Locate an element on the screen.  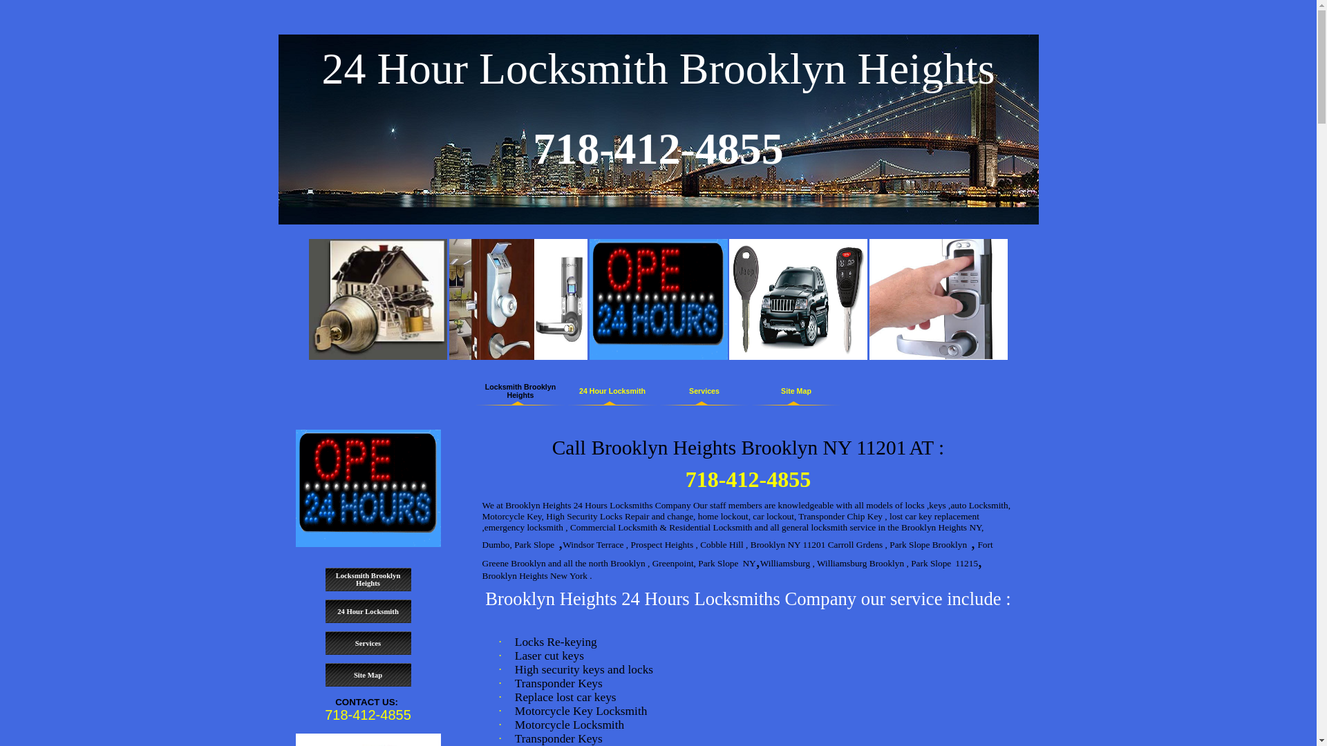
'Locksmith Service Company in Brooklyn Heights Brooklyn ' is located at coordinates (449, 298).